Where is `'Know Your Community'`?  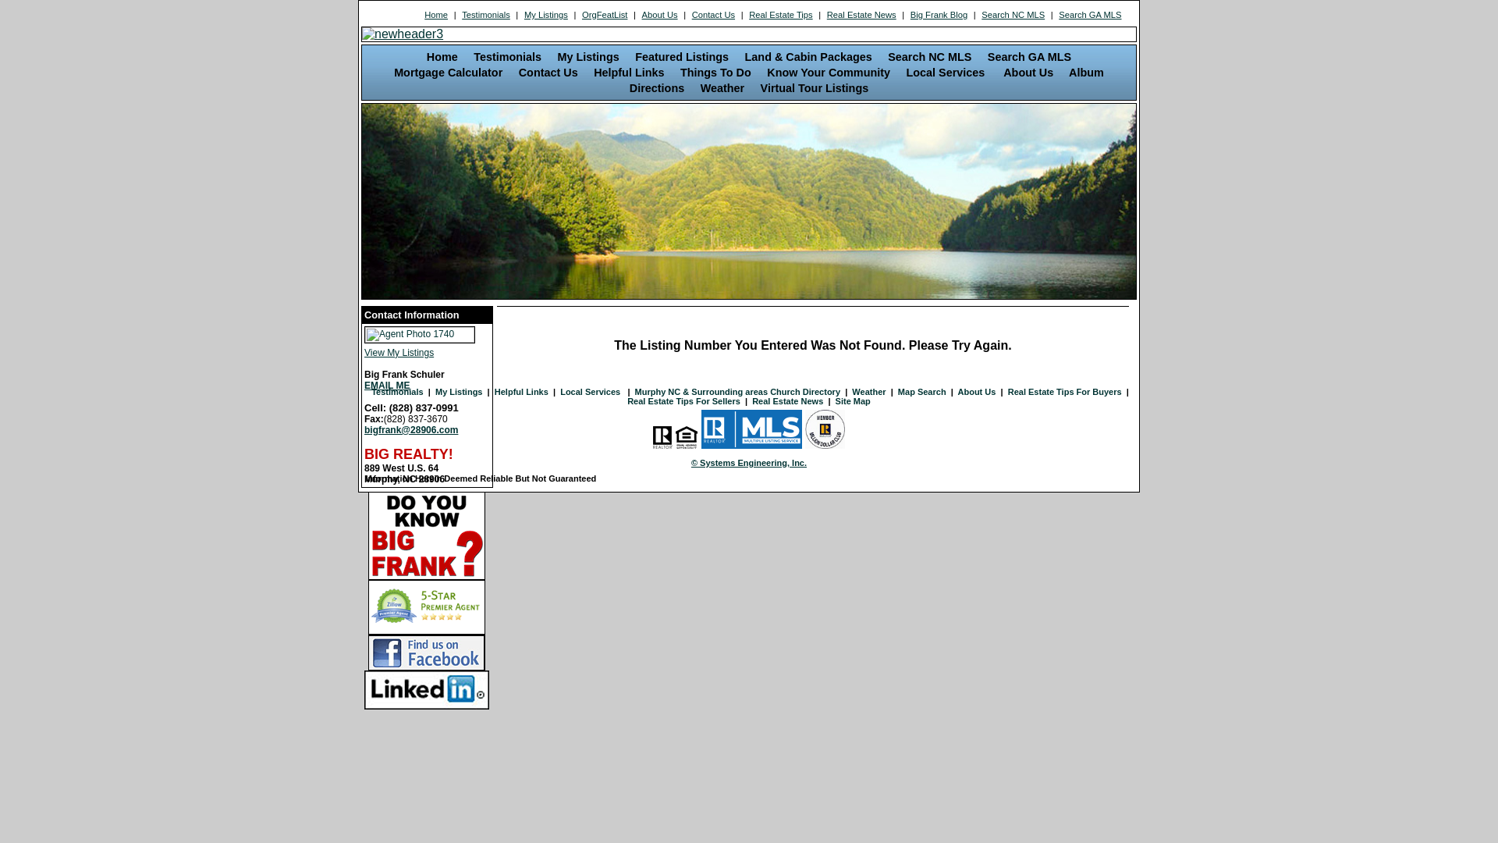 'Know Your Community' is located at coordinates (827, 72).